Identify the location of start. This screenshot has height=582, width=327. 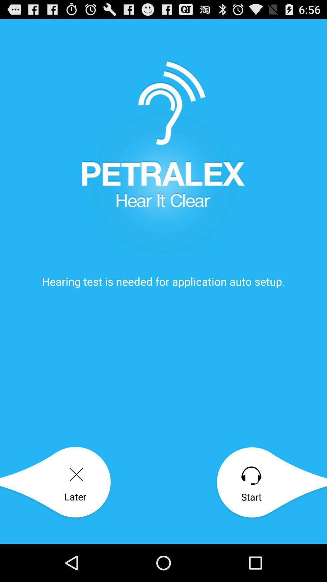
(271, 483).